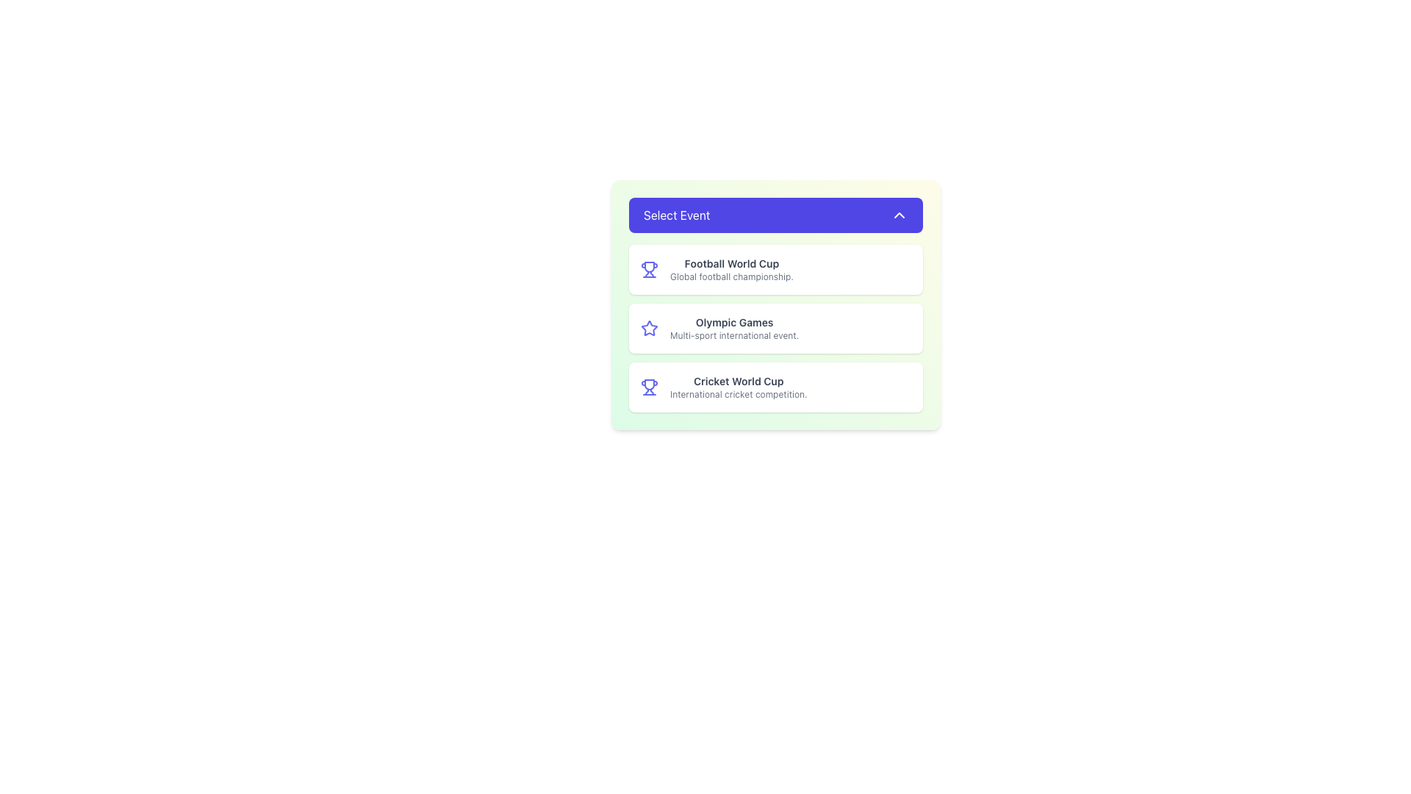 The width and height of the screenshot is (1411, 794). What do you see at coordinates (731, 269) in the screenshot?
I see `the text block indicating the Football World Cup event, which is the first text block in the list under the 'Select Event' dropdown` at bounding box center [731, 269].